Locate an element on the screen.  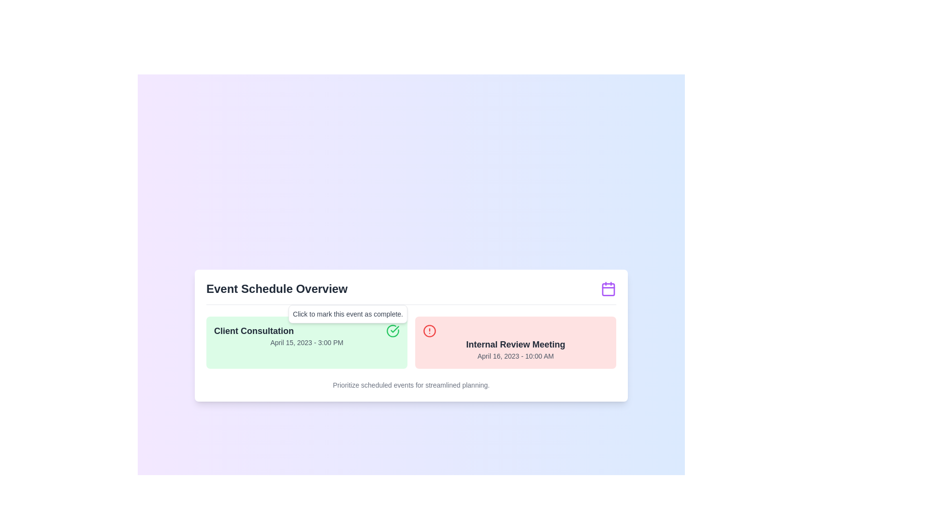
the tooltip that provides additional information about the 'mark as complete' functionality in the 'Client Consultation' card is located at coordinates (348, 314).